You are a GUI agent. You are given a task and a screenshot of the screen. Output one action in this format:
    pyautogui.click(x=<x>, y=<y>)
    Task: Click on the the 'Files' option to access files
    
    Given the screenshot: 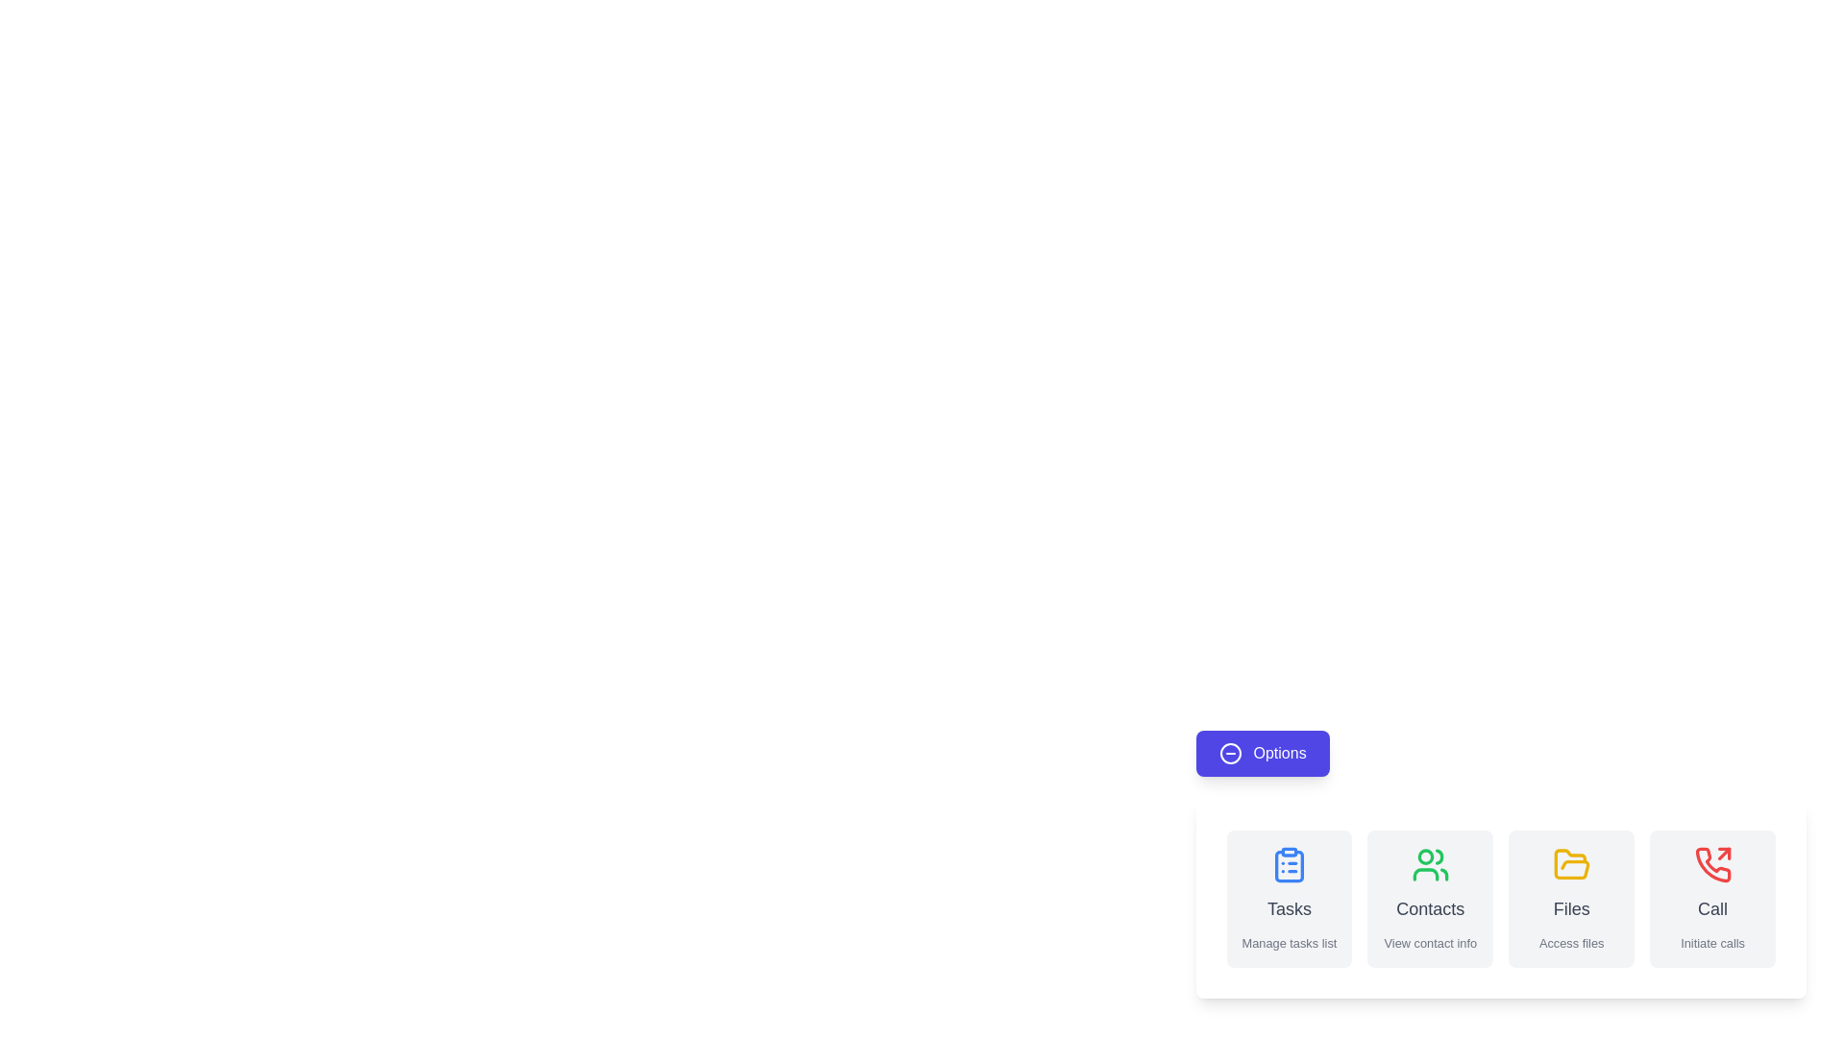 What is the action you would take?
    pyautogui.click(x=1571, y=899)
    